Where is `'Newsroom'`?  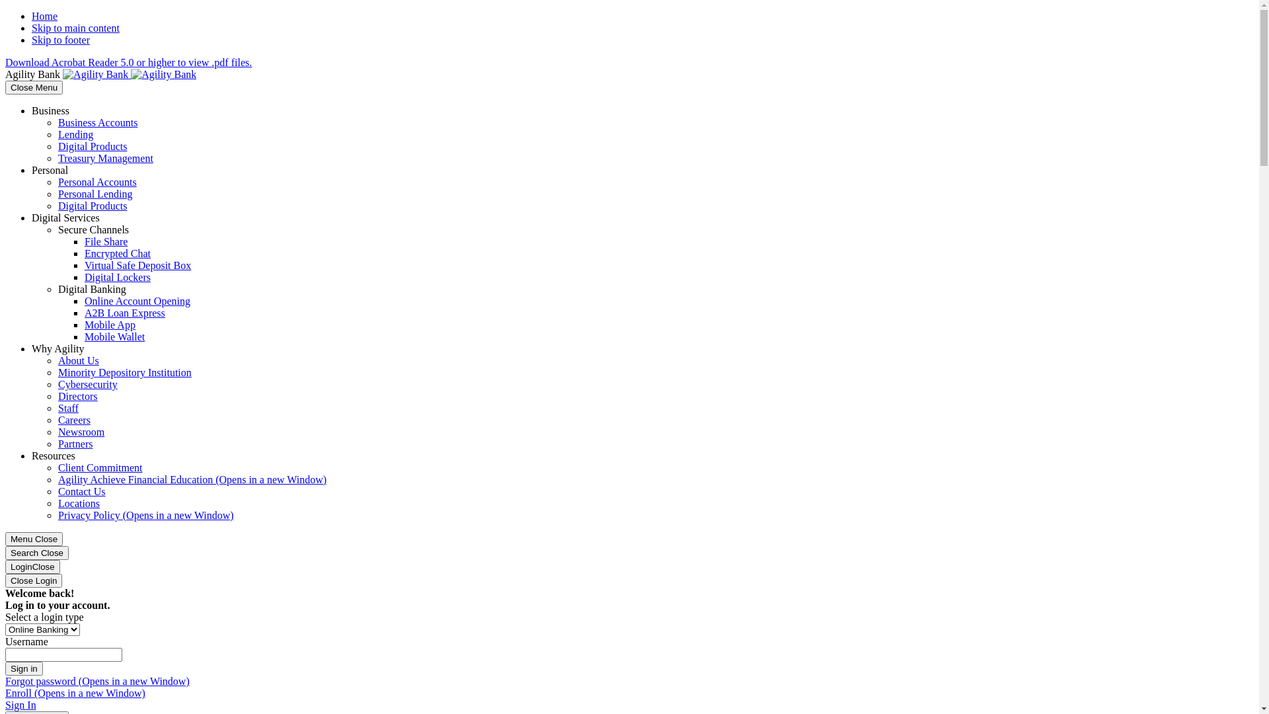
'Newsroom' is located at coordinates (81, 432).